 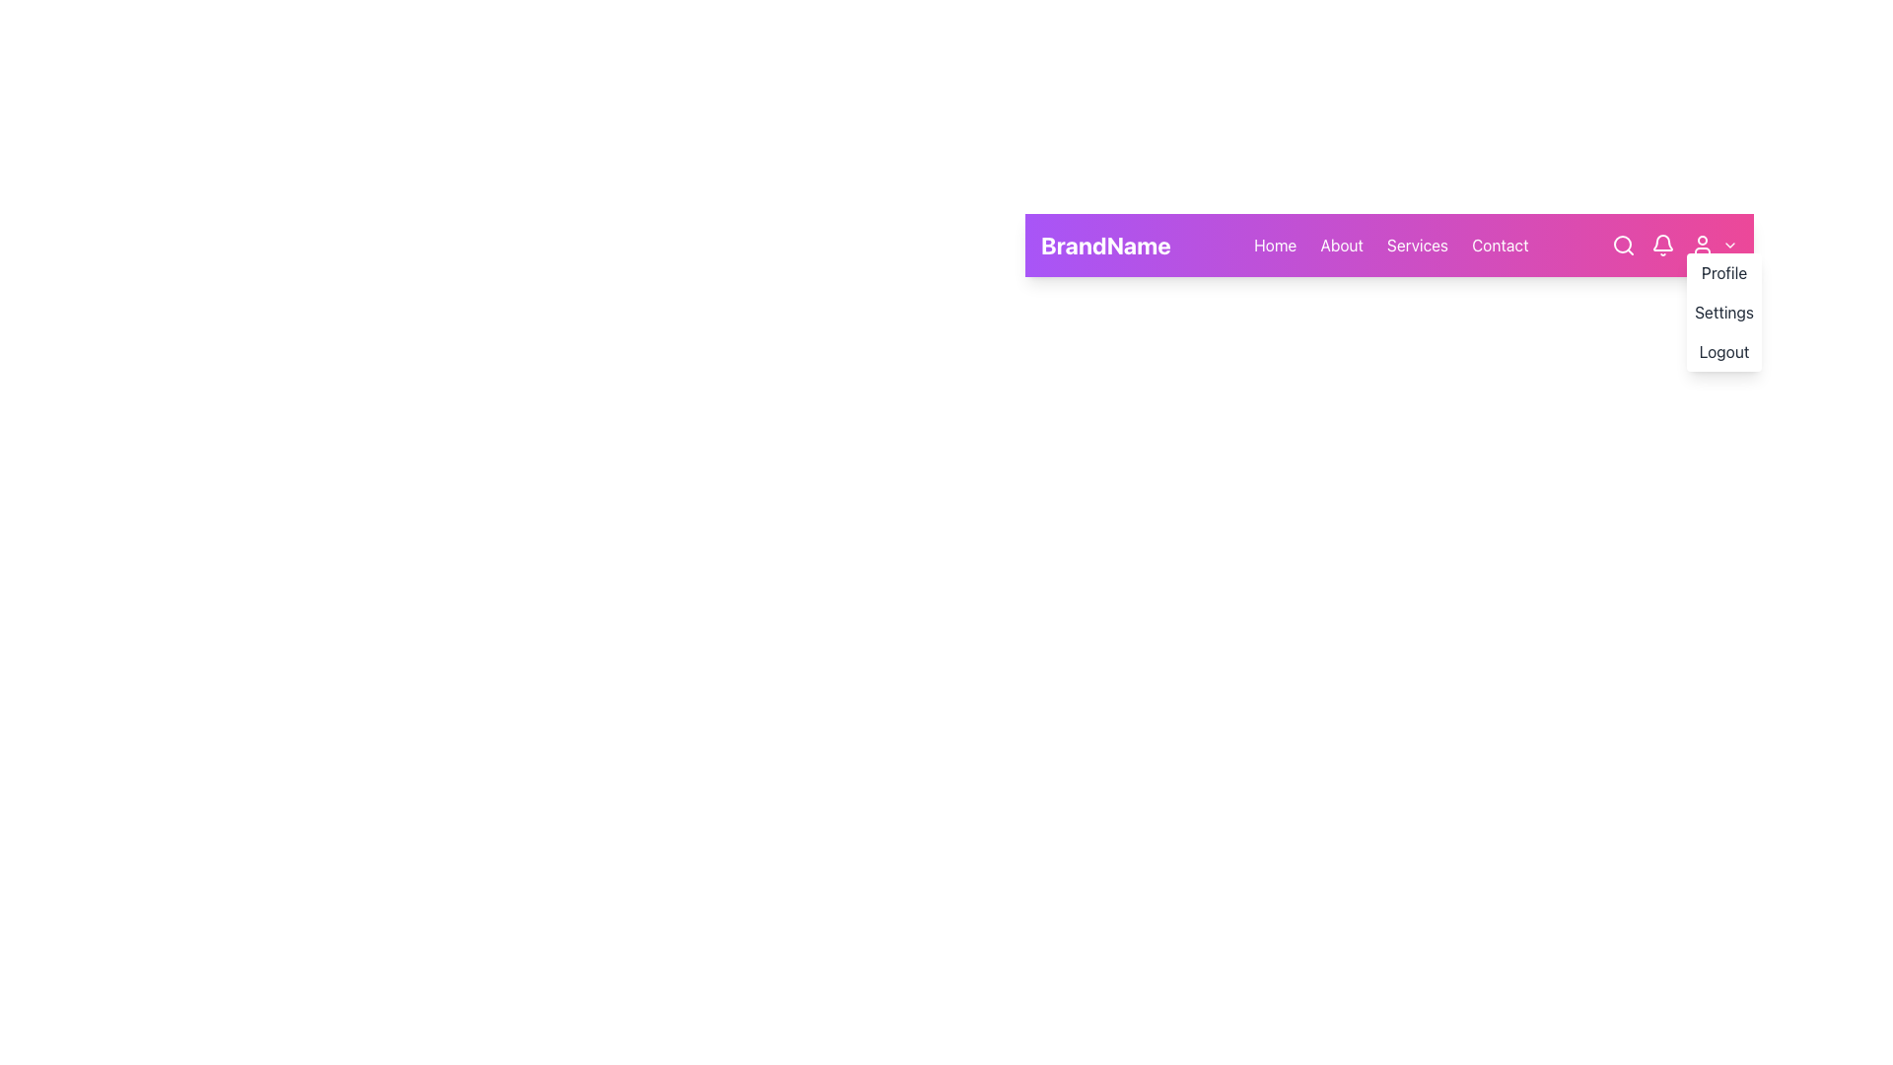 I want to click on the search icon represented by a magnifying glass, styled in white against a pink background, located in the upper right corner of the interface, so click(x=1623, y=245).